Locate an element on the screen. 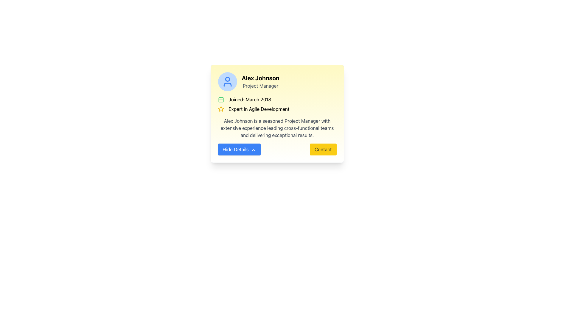 Image resolution: width=572 pixels, height=321 pixels. the small green calendar icon located to the immediate left of the text 'Joined: March 2018' is located at coordinates (220, 99).